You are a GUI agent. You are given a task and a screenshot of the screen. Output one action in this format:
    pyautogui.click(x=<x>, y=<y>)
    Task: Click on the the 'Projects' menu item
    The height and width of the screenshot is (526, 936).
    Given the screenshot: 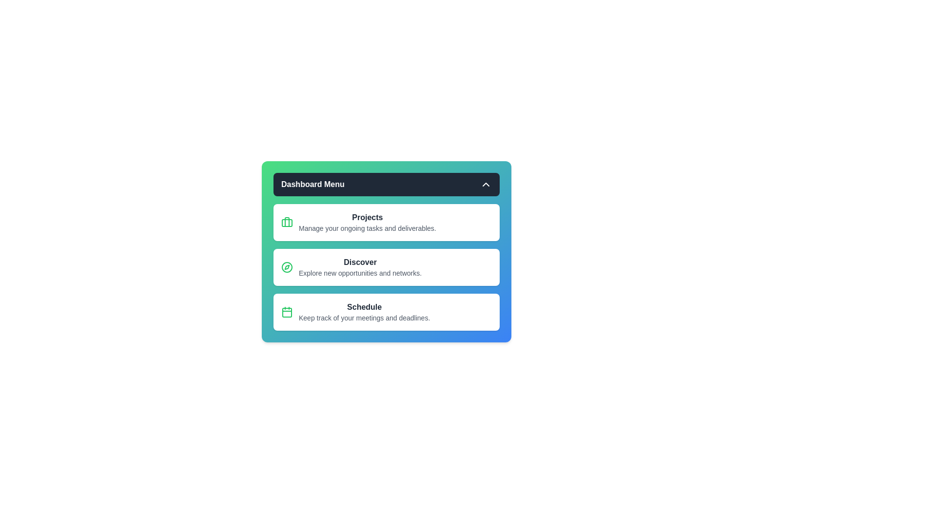 What is the action you would take?
    pyautogui.click(x=386, y=222)
    